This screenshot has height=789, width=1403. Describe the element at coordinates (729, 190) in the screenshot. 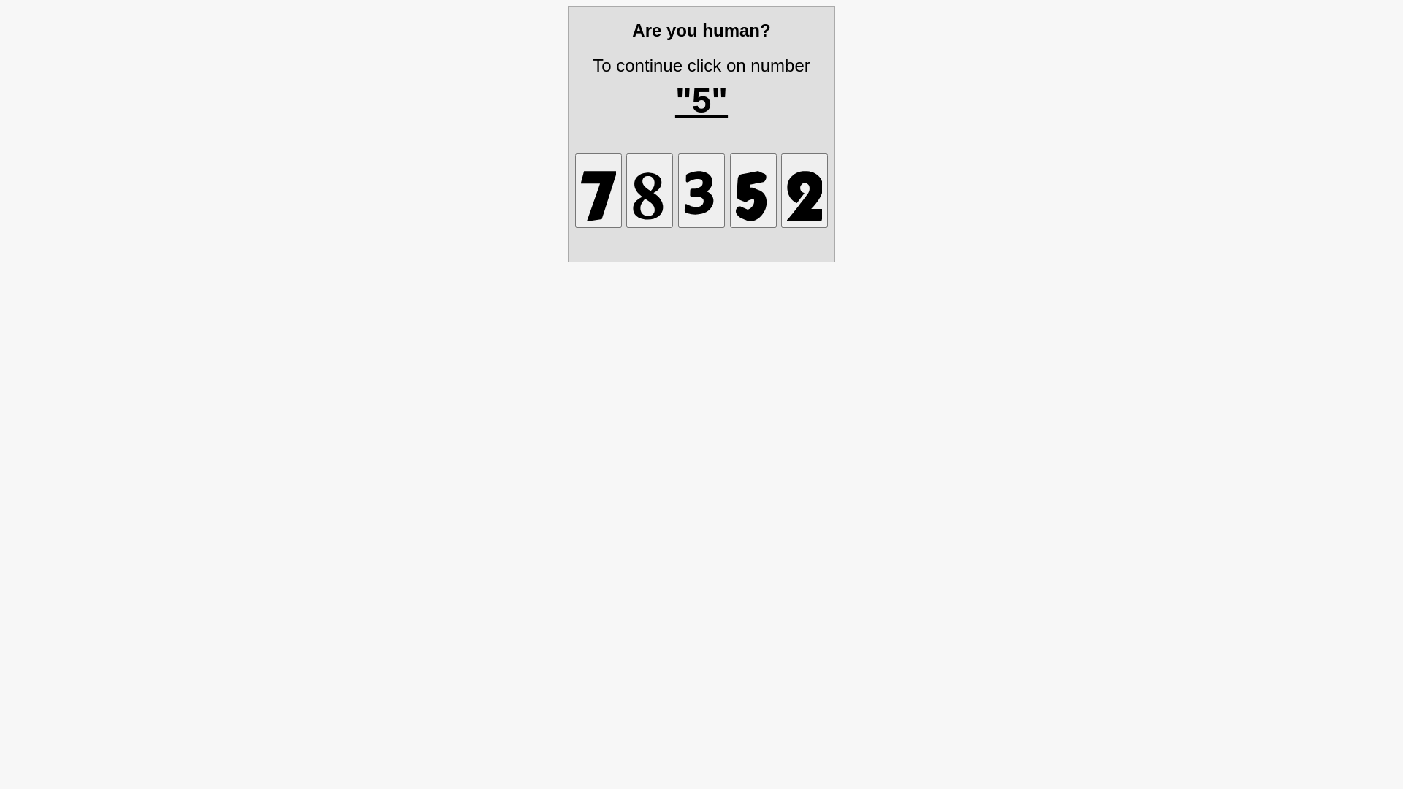

I see `'1732440132366331'` at that location.